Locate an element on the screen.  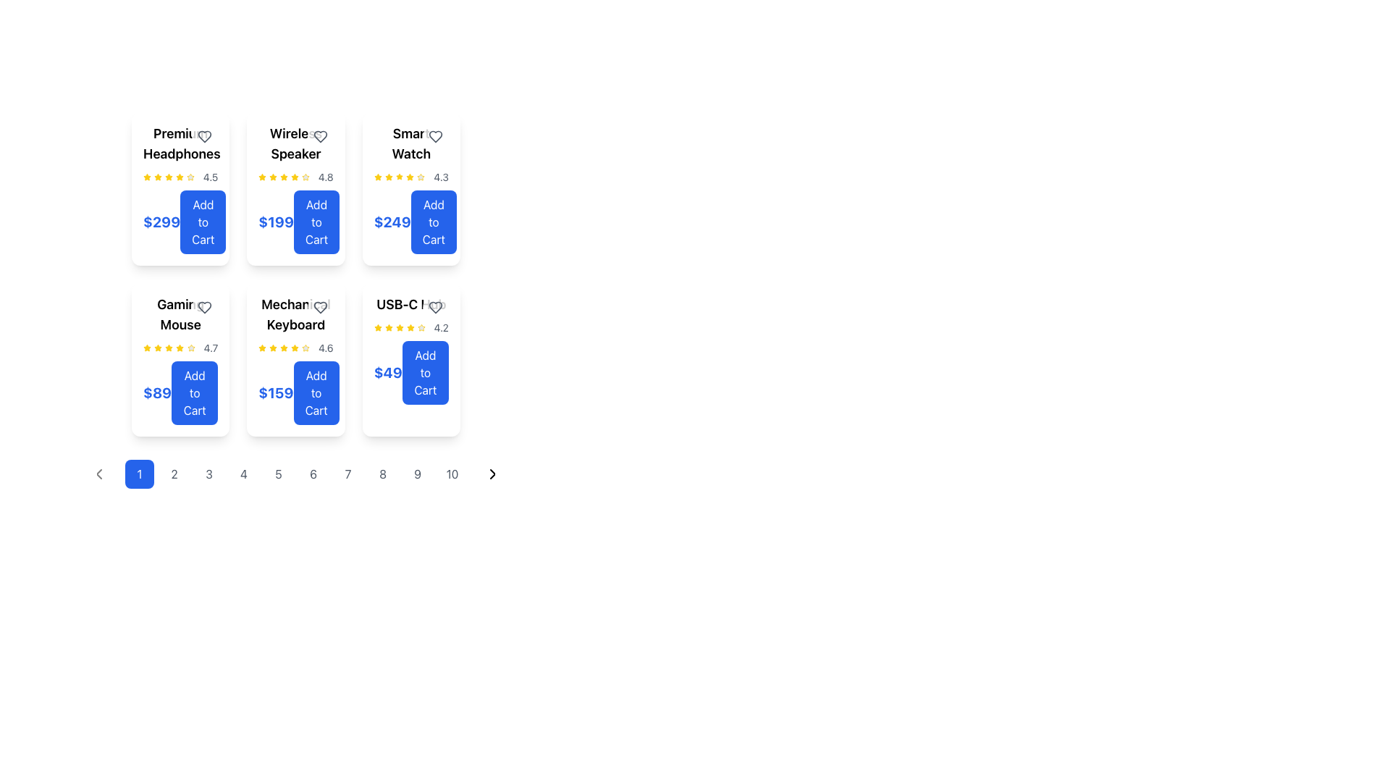
the fifth star icon representing the rating level for the 'Mechanical Keyboard' product located in the second row and second column of the layout grid is located at coordinates (305, 348).